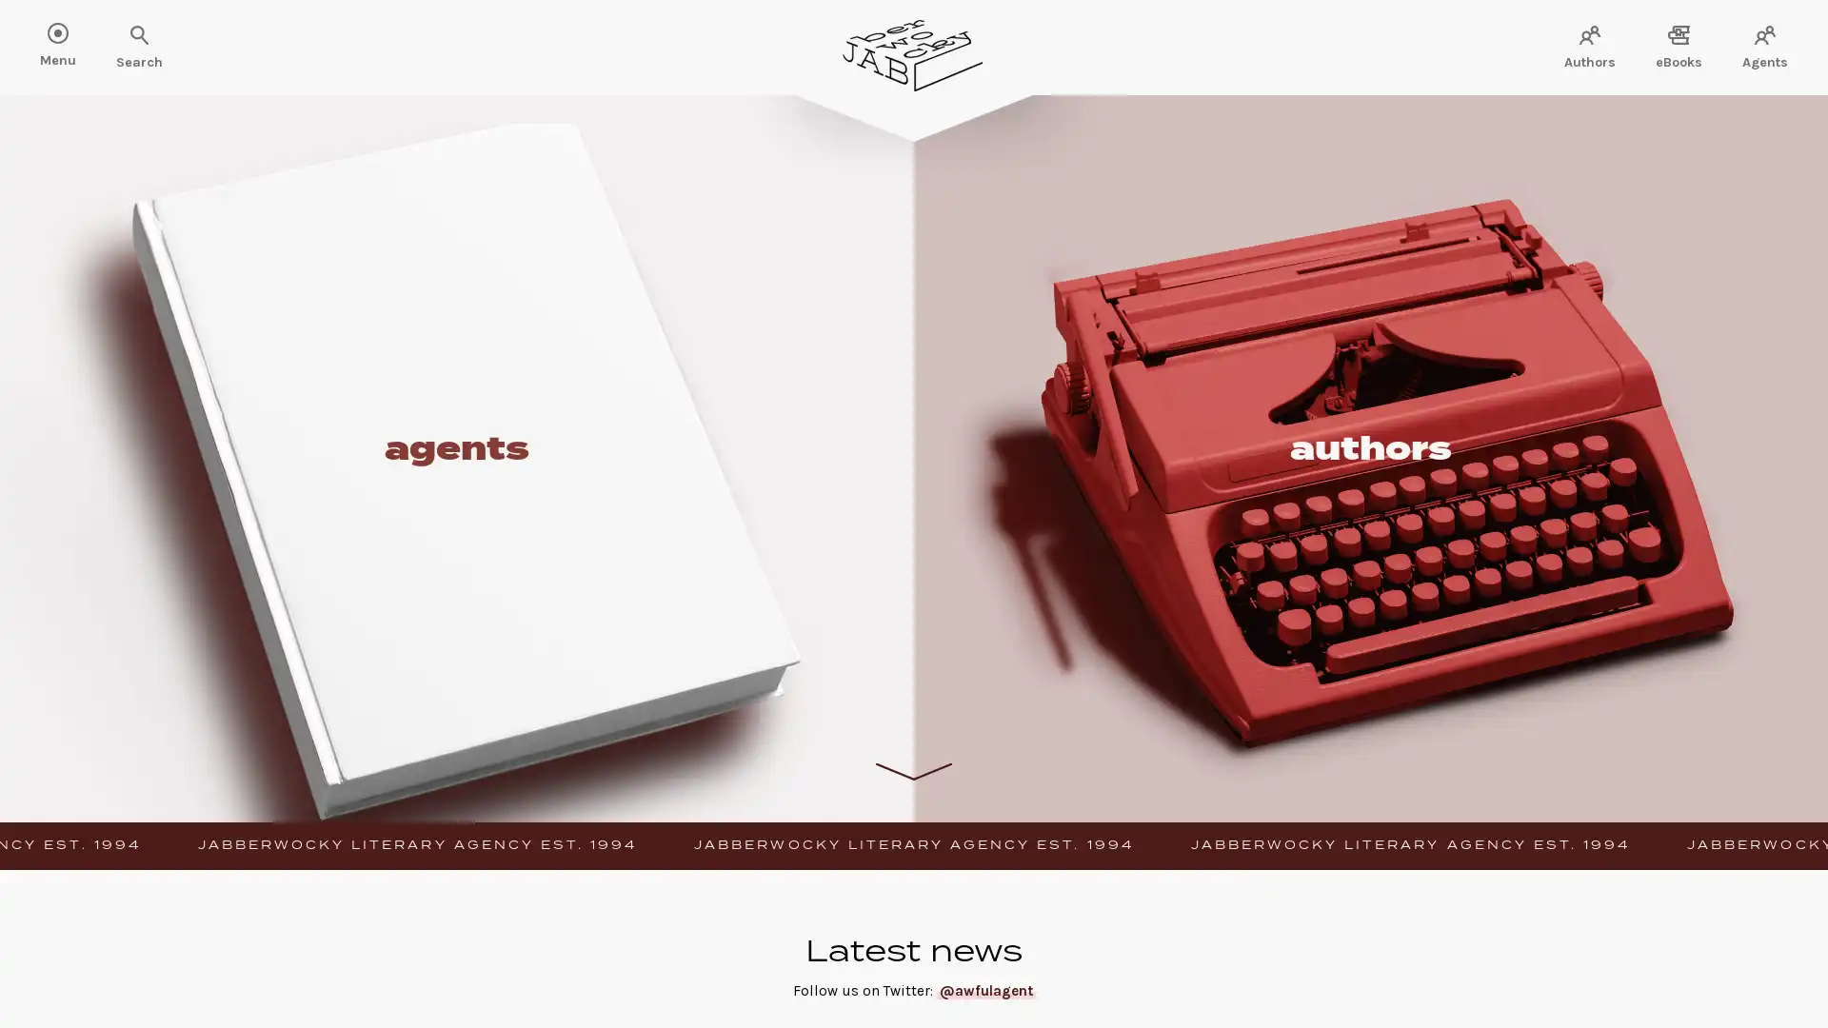  I want to click on Search, so click(76, 36).